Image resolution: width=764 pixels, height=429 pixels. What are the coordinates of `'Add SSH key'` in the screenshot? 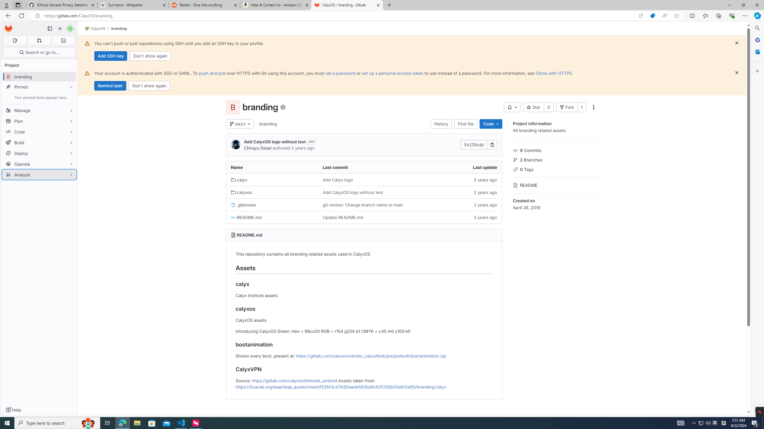 It's located at (110, 56).